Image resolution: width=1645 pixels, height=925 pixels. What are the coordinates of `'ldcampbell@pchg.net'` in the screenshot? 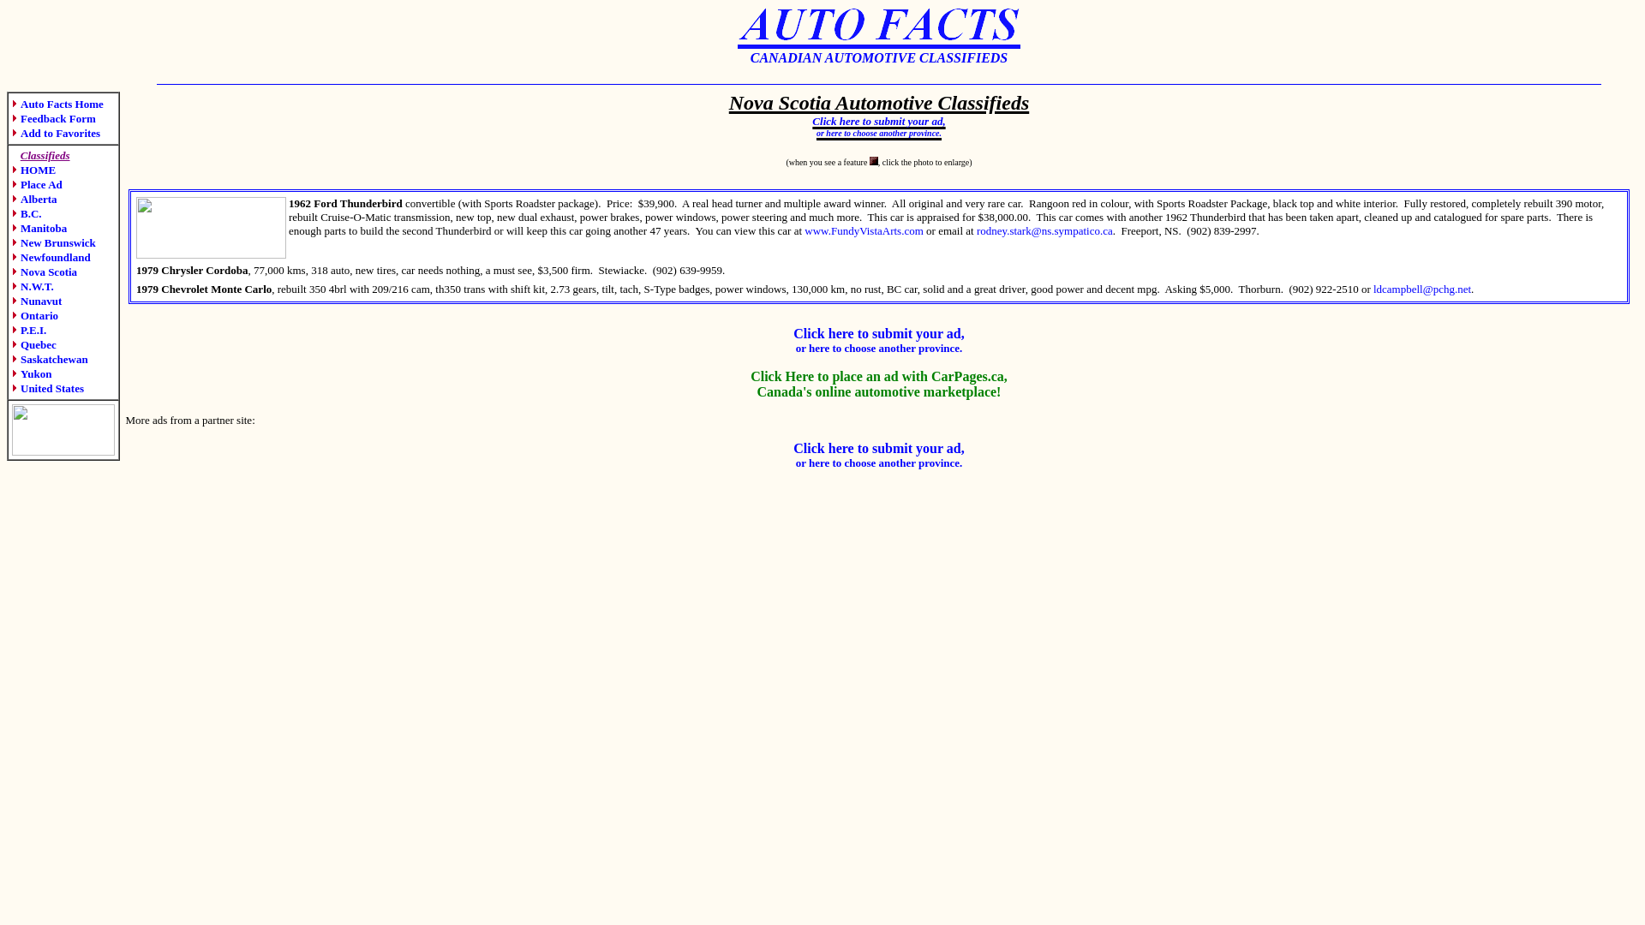 It's located at (1422, 288).